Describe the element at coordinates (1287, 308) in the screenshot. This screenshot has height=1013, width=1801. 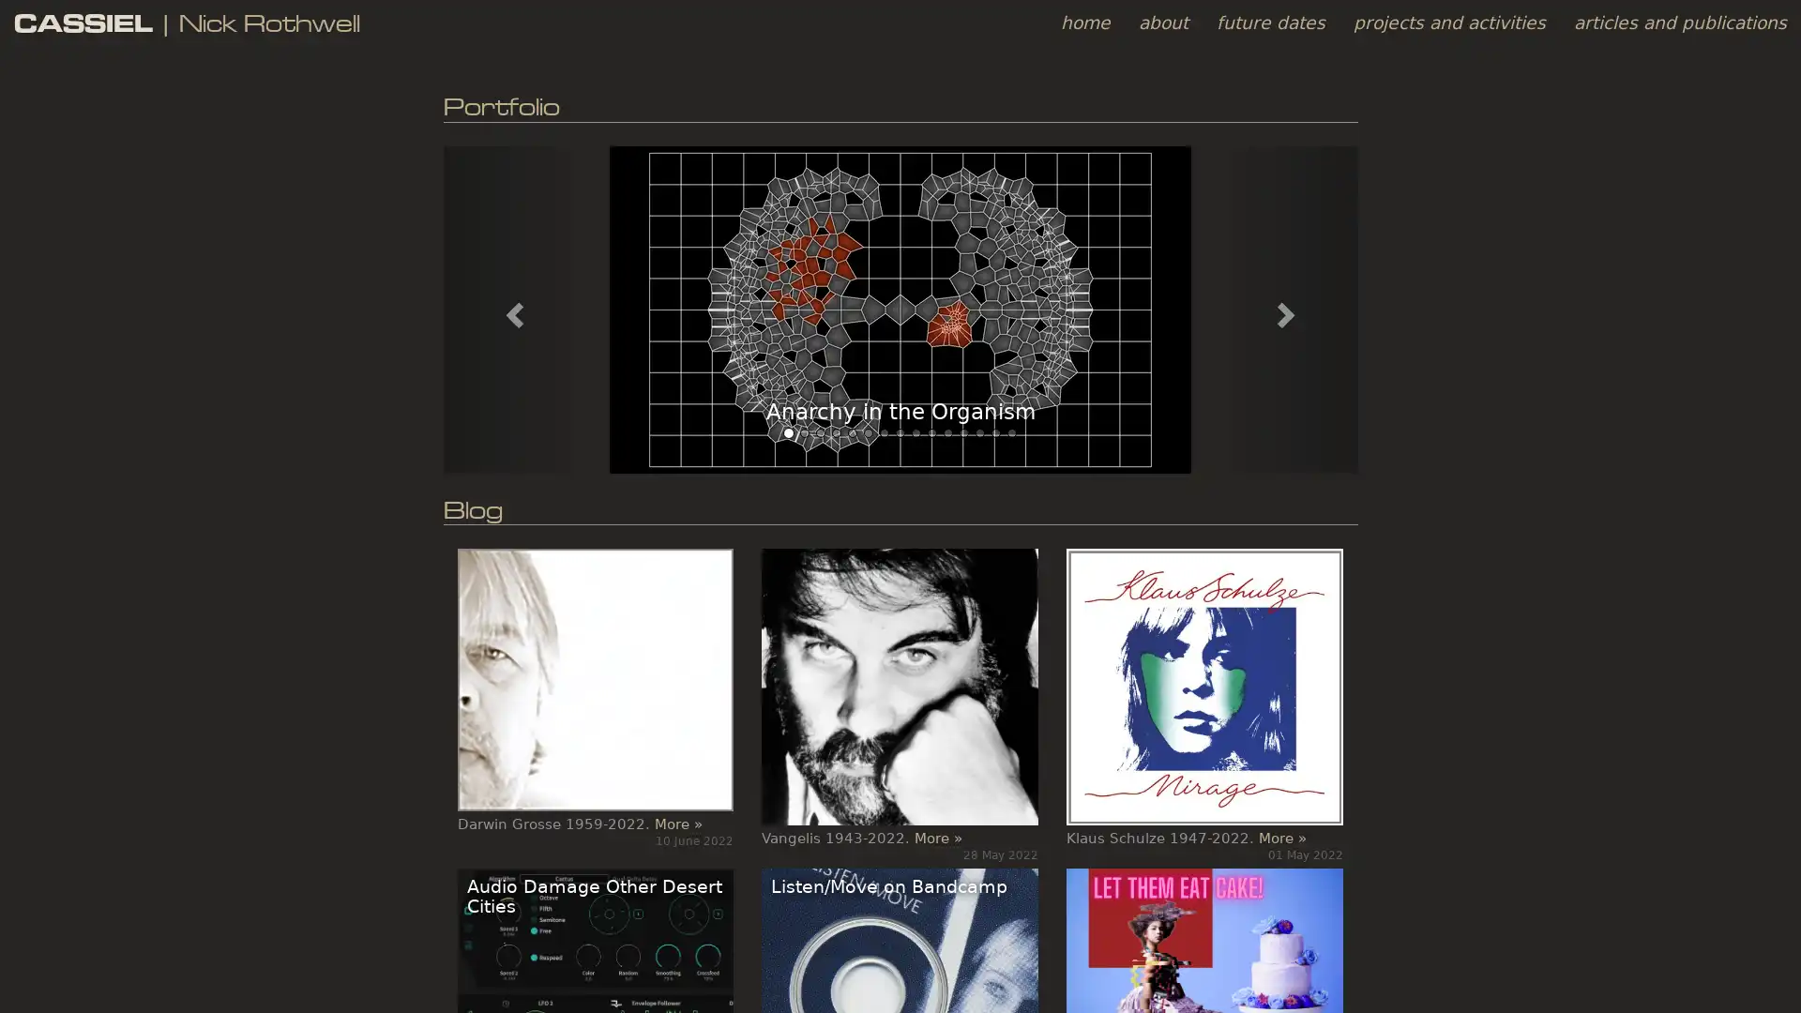
I see `Next` at that location.